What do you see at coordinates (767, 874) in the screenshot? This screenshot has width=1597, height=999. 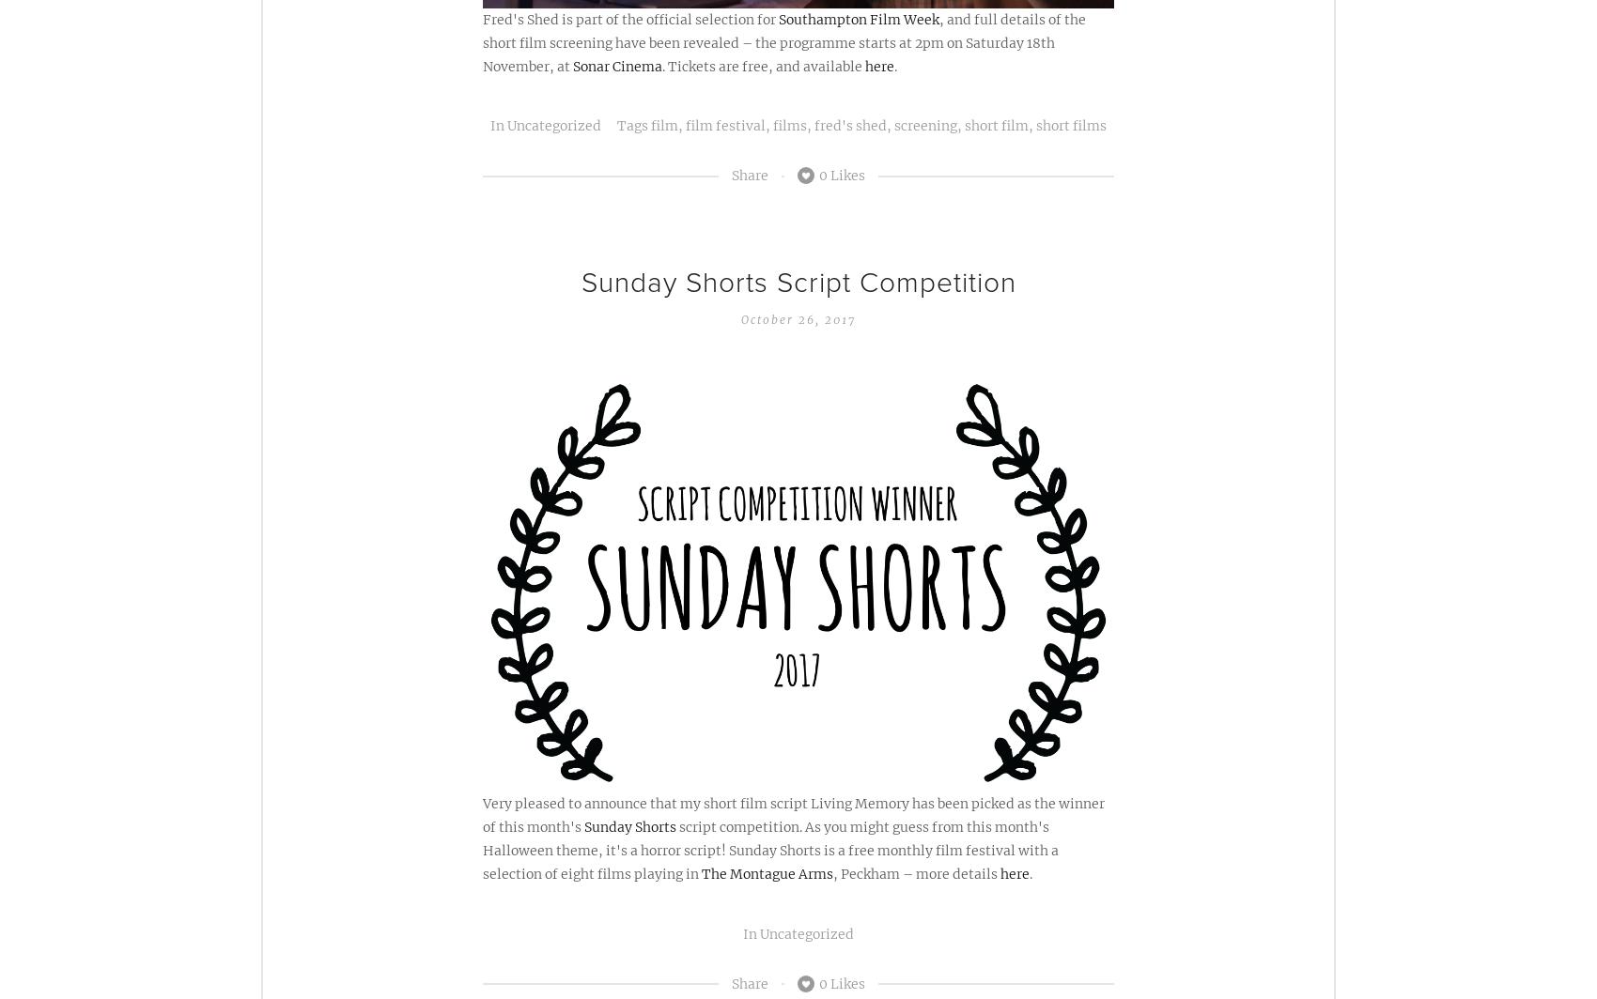 I see `'The Montague Arms'` at bounding box center [767, 874].